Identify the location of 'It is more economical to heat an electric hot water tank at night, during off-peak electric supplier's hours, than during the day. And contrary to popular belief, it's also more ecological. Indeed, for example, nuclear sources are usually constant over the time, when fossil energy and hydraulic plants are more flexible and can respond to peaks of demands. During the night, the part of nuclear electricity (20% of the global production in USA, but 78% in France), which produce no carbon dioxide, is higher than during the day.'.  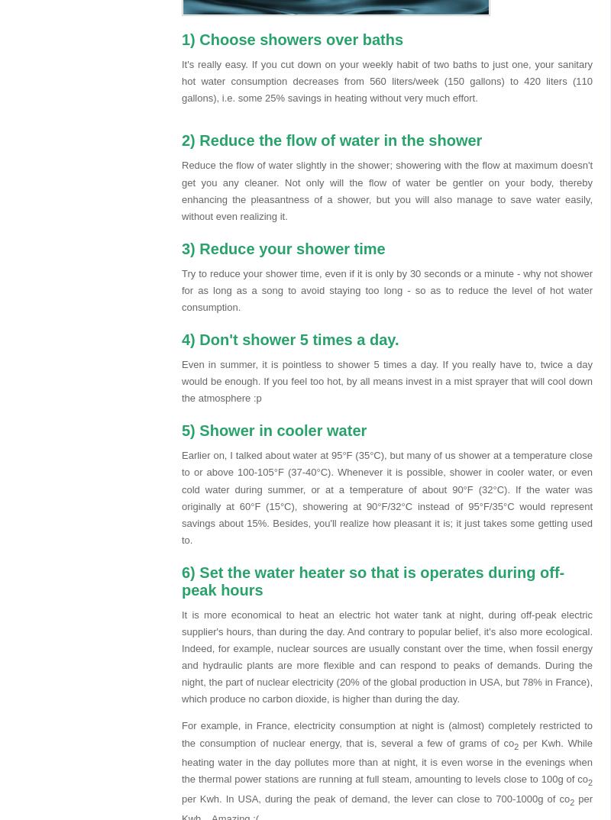
(386, 656).